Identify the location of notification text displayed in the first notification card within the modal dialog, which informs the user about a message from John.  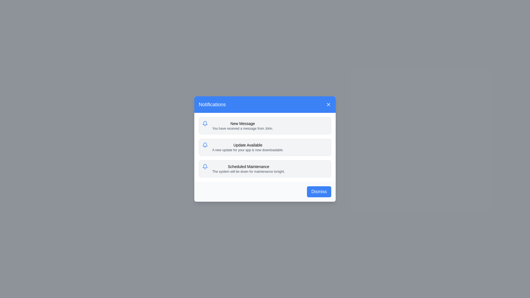
(243, 126).